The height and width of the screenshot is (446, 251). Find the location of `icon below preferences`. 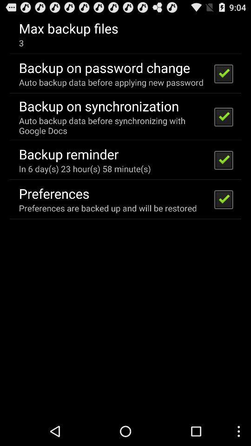

icon below preferences is located at coordinates (107, 208).